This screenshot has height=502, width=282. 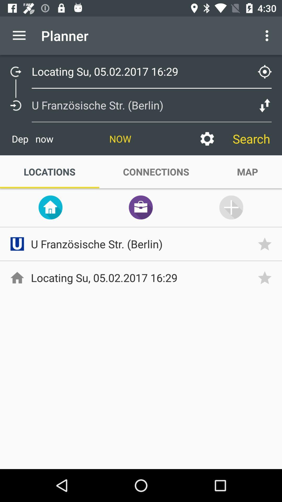 What do you see at coordinates (139, 71) in the screenshot?
I see `text under planner tab` at bounding box center [139, 71].